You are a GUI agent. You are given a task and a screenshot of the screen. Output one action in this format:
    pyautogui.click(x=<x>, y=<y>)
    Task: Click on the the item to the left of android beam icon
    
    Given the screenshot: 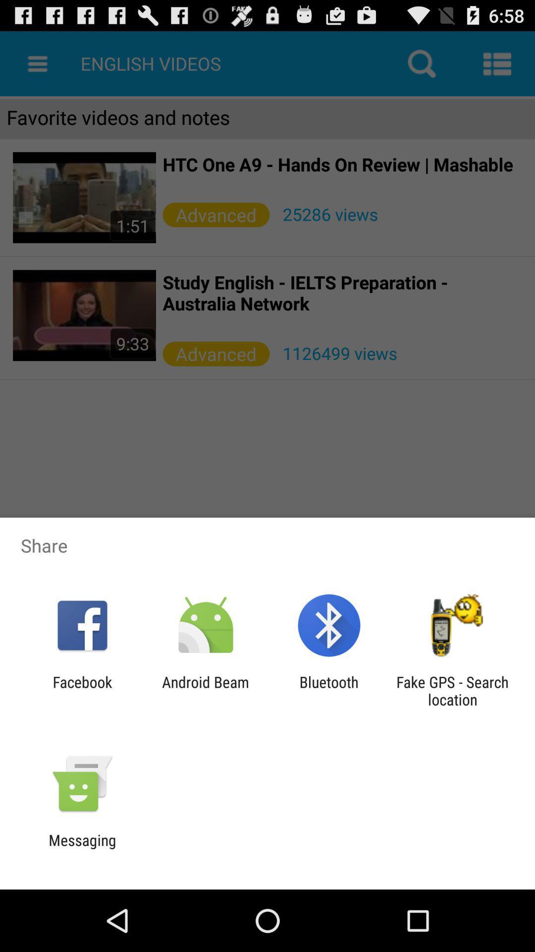 What is the action you would take?
    pyautogui.click(x=82, y=690)
    